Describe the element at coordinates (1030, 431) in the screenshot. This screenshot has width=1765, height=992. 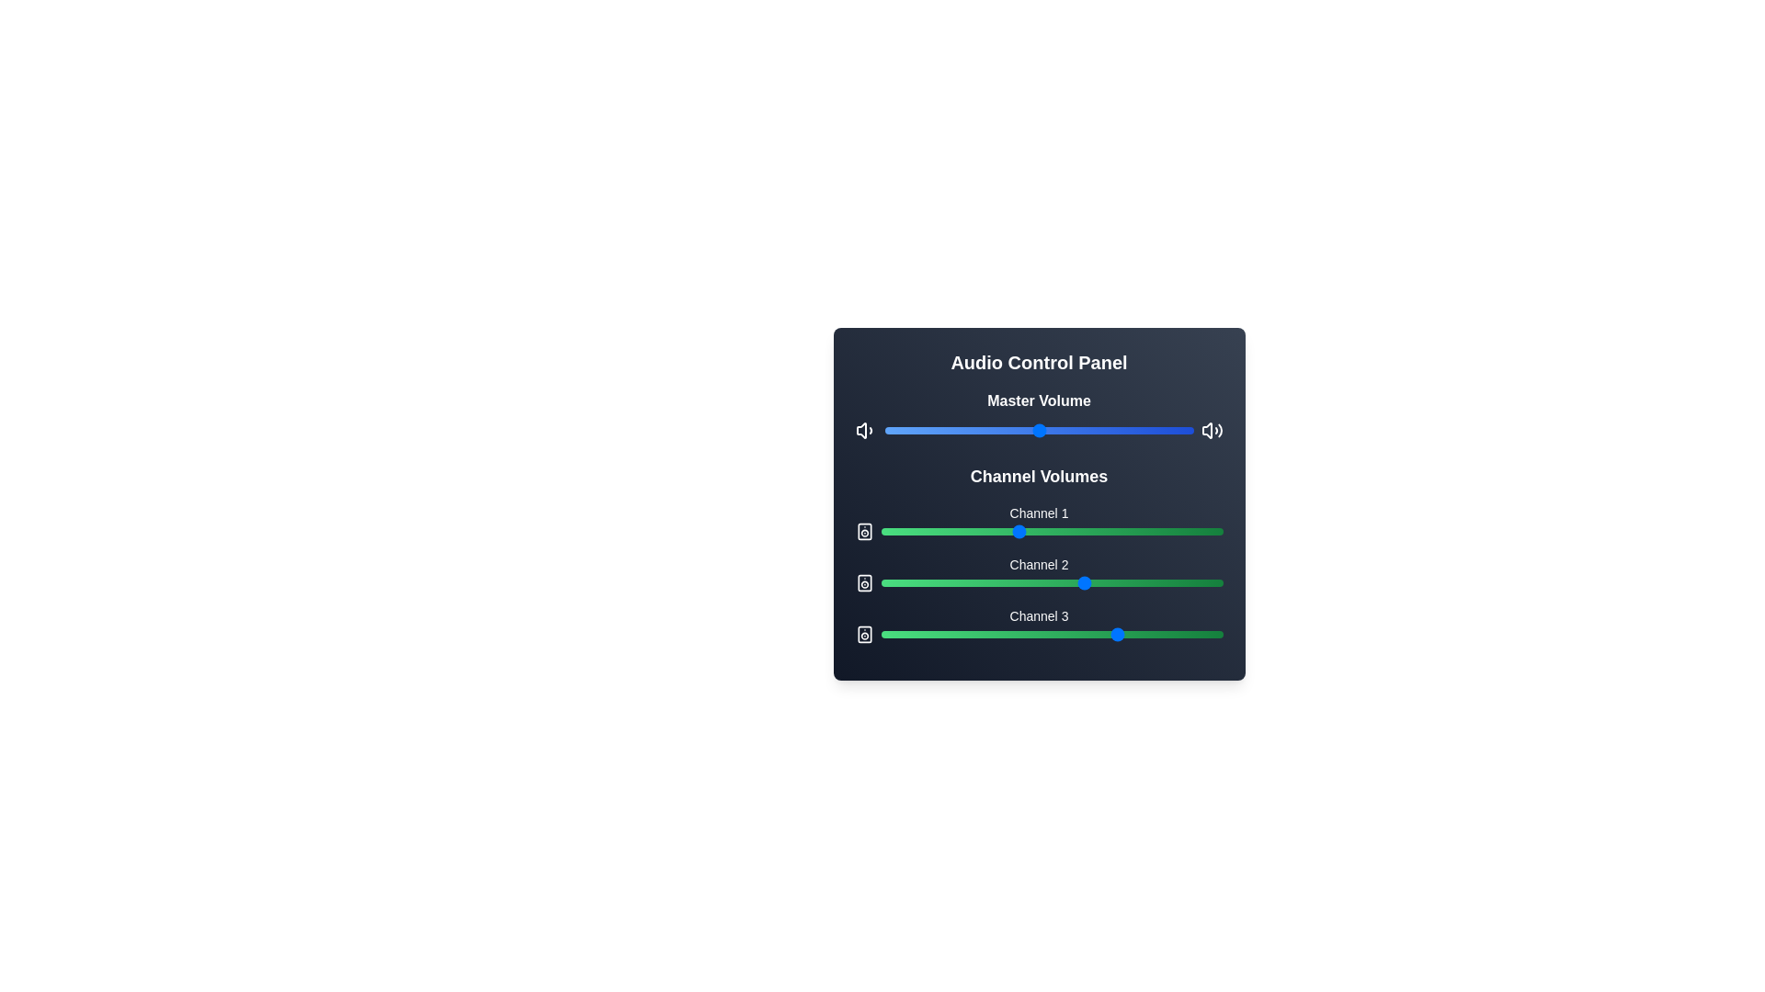
I see `the master volume` at that location.